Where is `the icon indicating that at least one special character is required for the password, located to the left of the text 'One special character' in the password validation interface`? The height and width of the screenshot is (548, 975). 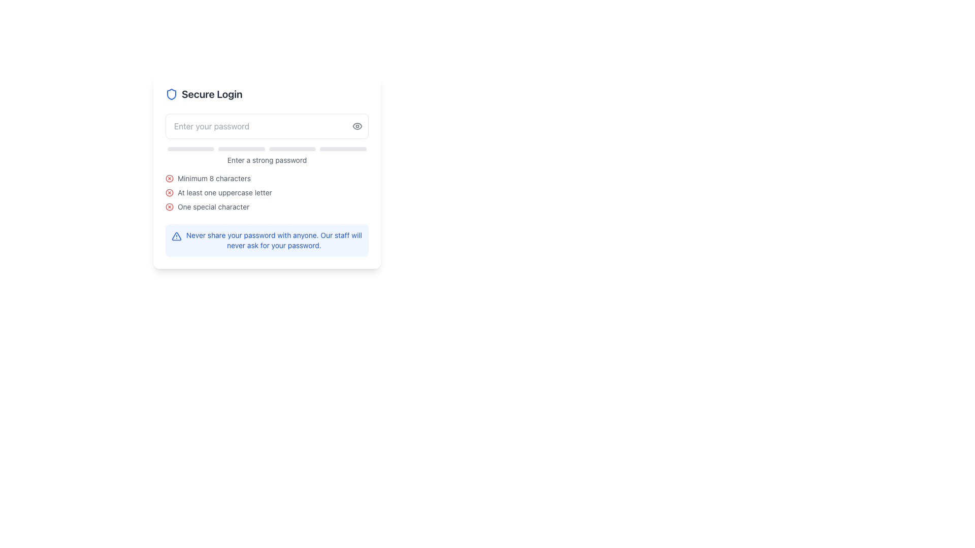 the icon indicating that at least one special character is required for the password, located to the left of the text 'One special character' in the password validation interface is located at coordinates (170, 207).